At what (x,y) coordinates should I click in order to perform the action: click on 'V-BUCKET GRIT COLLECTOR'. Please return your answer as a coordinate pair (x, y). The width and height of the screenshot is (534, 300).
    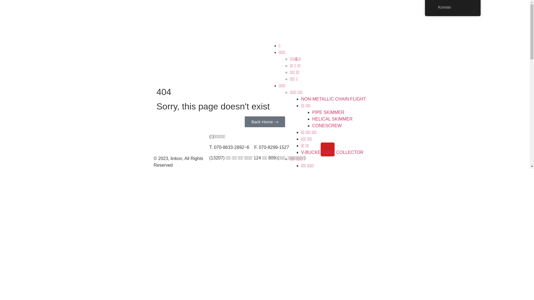
    Looking at the image, I should click on (332, 152).